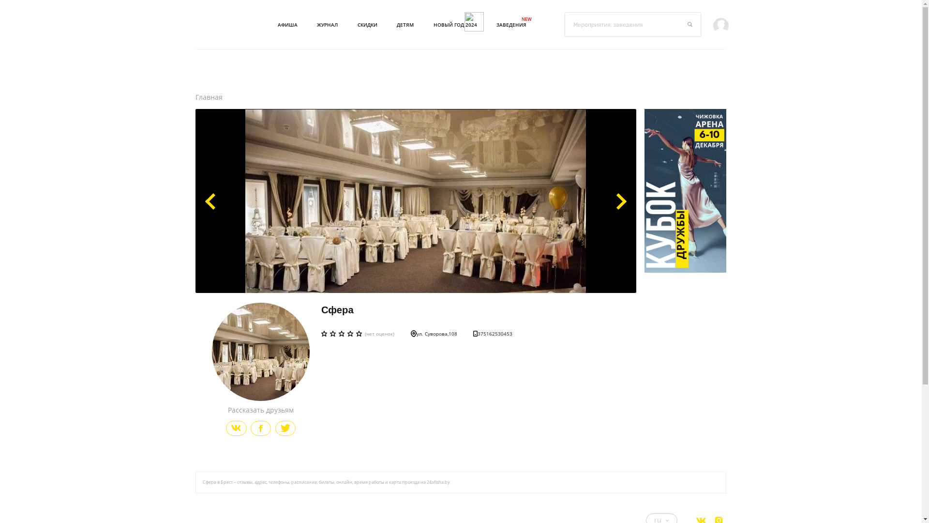 This screenshot has height=523, width=929. Describe the element at coordinates (473, 333) in the screenshot. I see `'375162530453'` at that location.